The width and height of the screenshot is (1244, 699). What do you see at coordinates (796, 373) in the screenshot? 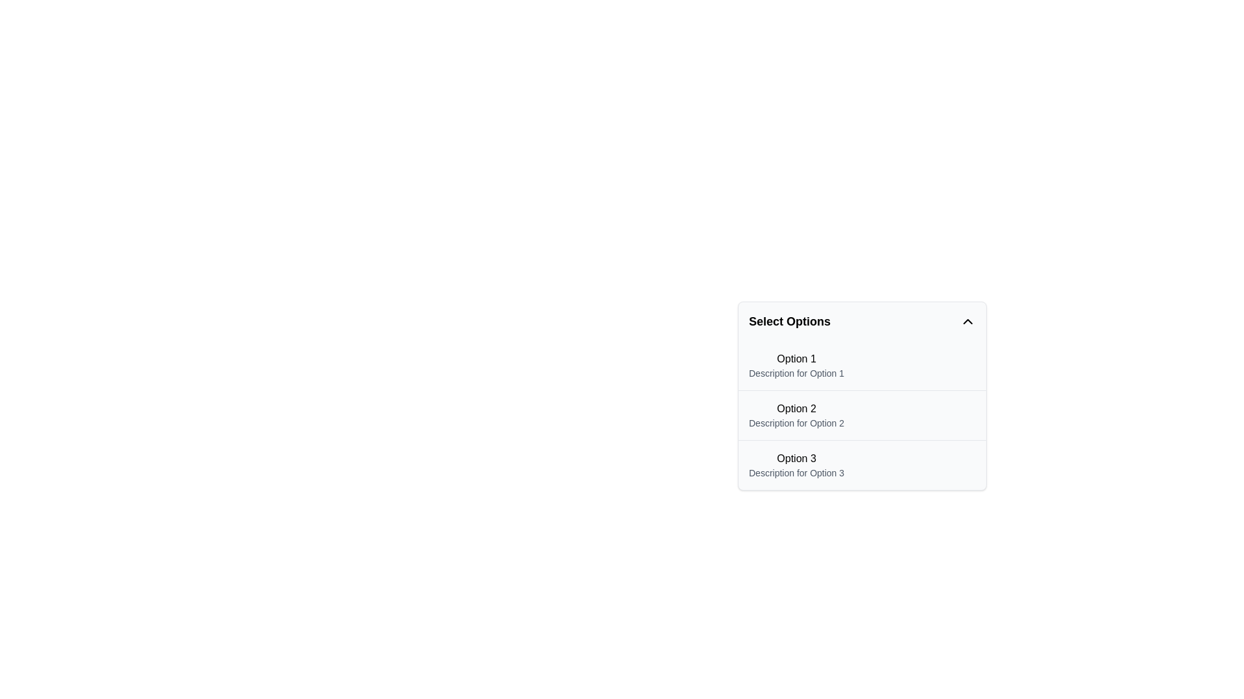
I see `the text label providing additional information about 'Option 1', which is located directly below the 'Option 1' header in the dropdown menu` at bounding box center [796, 373].